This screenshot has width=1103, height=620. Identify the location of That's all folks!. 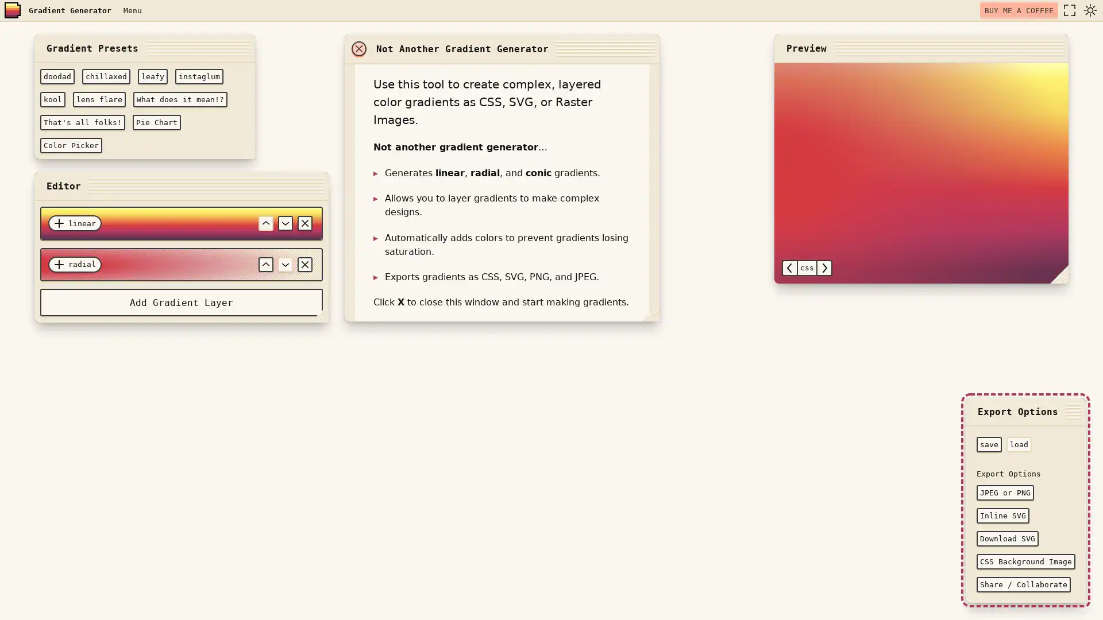
(82, 122).